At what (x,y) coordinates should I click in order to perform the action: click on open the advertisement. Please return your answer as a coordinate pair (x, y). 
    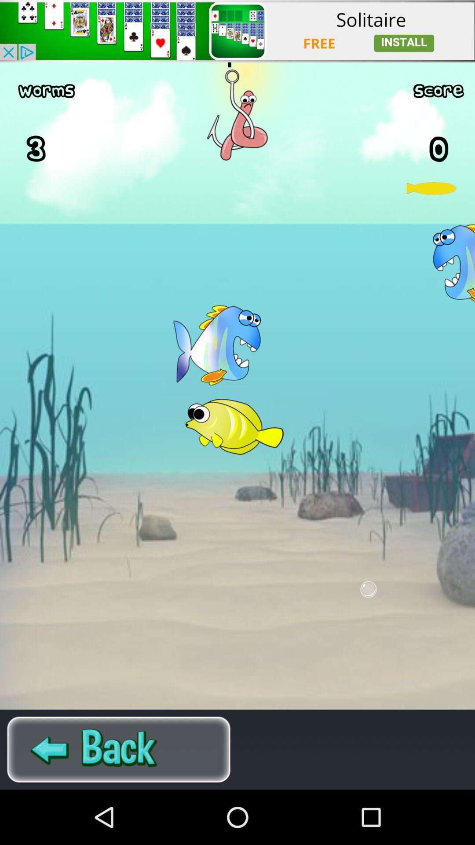
    Looking at the image, I should click on (237, 31).